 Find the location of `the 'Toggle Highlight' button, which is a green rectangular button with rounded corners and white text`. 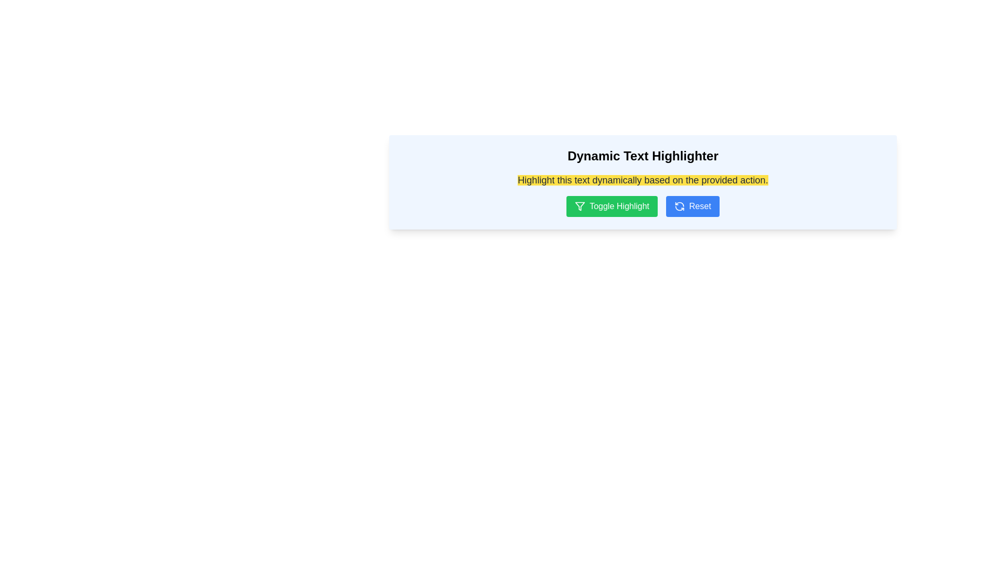

the 'Toggle Highlight' button, which is a green rectangular button with rounded corners and white text is located at coordinates (612, 206).